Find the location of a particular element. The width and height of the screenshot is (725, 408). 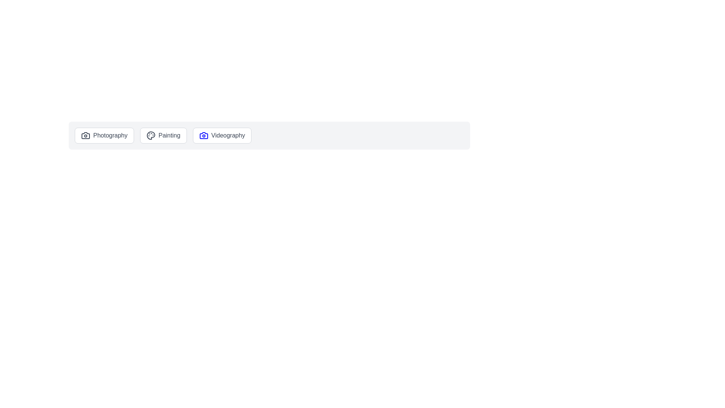

the chip labeled Videography to observe its hover effects is located at coordinates (222, 135).